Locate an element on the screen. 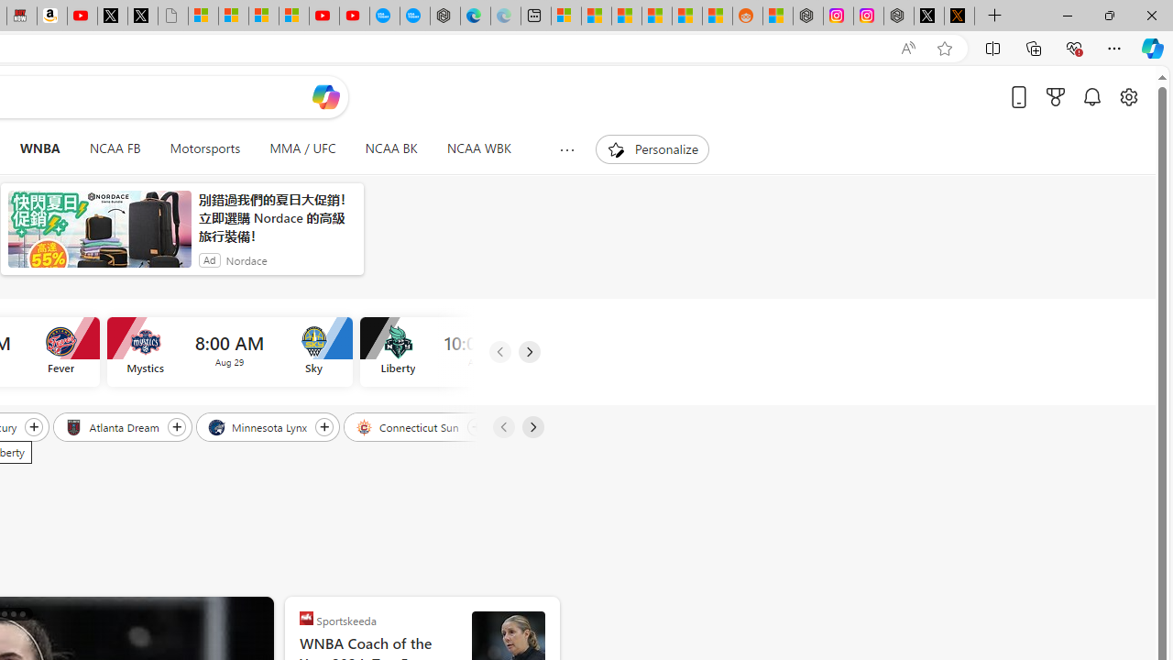  'Shanghai, China Weather trends | Microsoft Weather' is located at coordinates (716, 16).